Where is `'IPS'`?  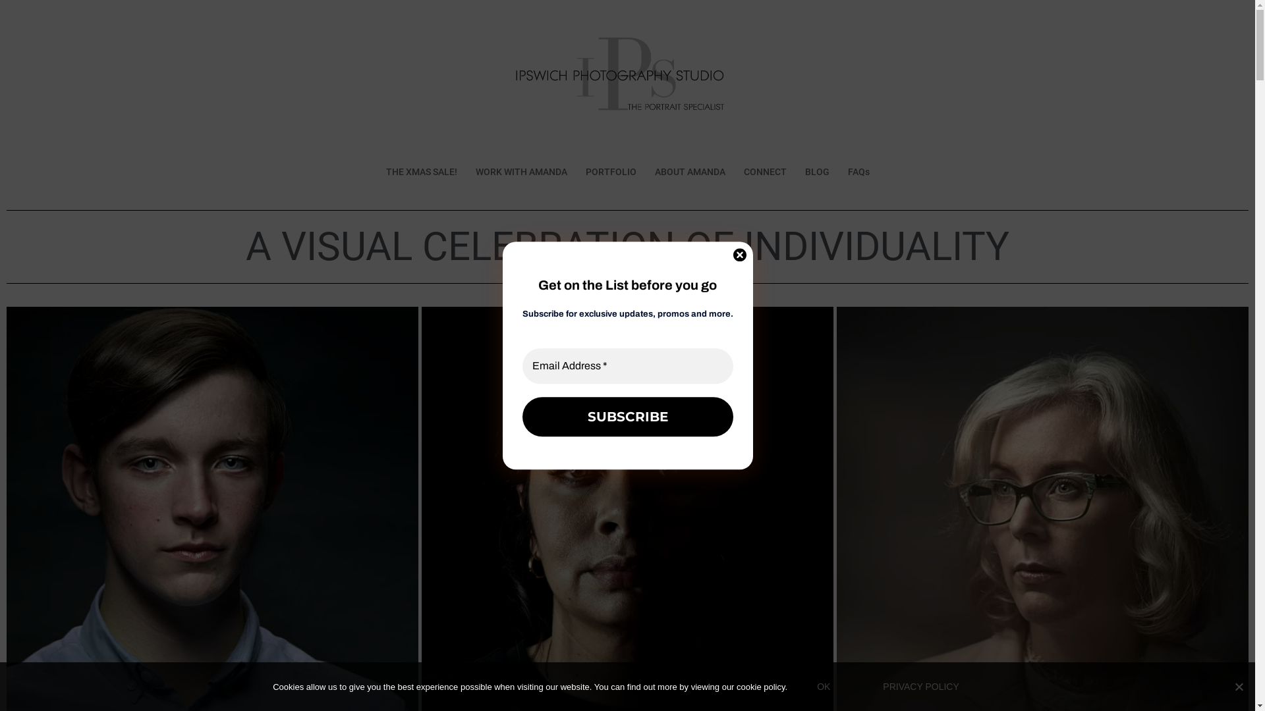
'IPS' is located at coordinates (627, 83).